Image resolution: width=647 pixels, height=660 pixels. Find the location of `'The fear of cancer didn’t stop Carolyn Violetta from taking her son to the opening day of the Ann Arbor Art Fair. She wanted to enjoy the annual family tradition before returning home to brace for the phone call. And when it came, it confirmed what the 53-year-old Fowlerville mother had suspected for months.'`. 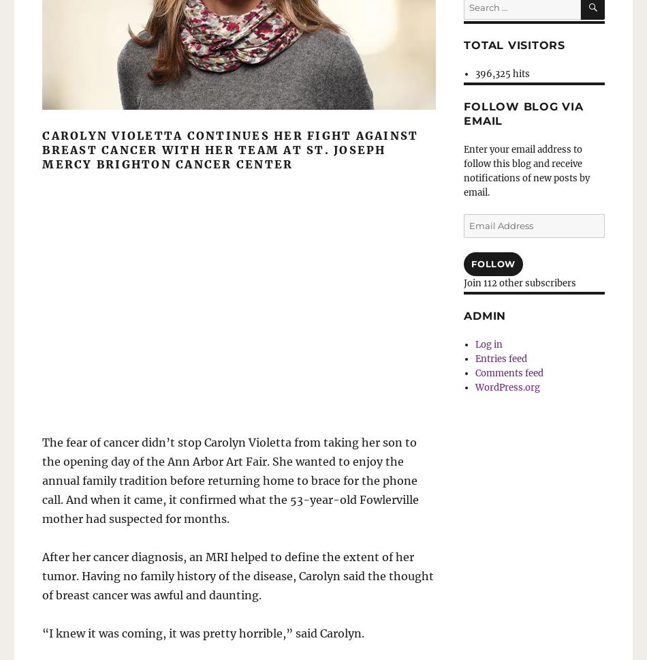

'The fear of cancer didn’t stop Carolyn Violetta from taking her son to the opening day of the Ann Arbor Art Fair. She wanted to enjoy the annual family tradition before returning home to brace for the phone call. And when it came, it confirmed what the 53-year-old Fowlerville mother had suspected for months.' is located at coordinates (230, 479).